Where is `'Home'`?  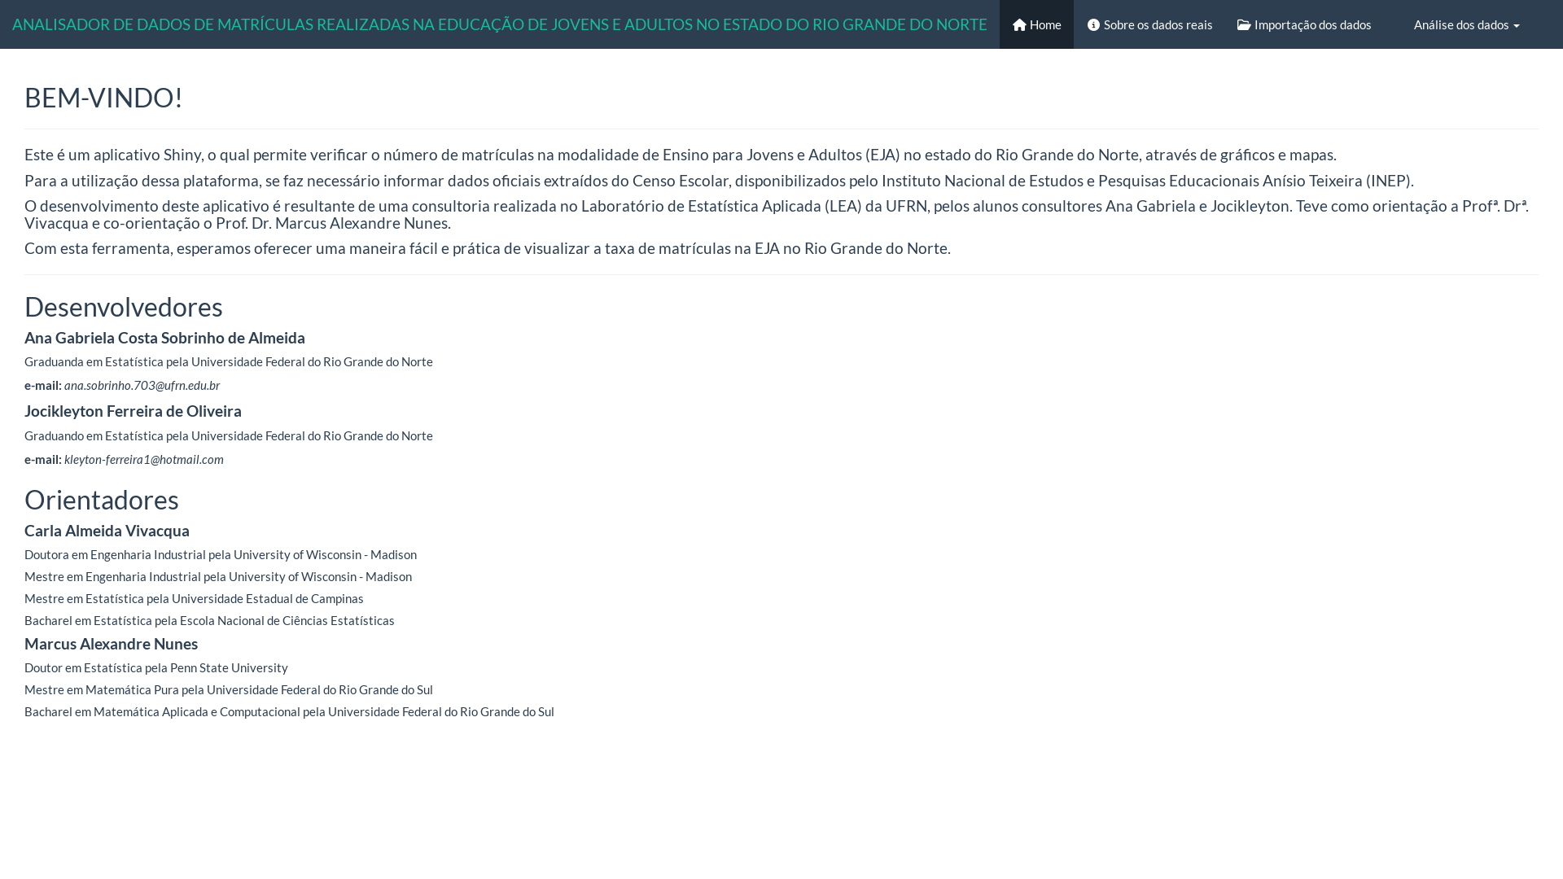
'Home' is located at coordinates (999, 24).